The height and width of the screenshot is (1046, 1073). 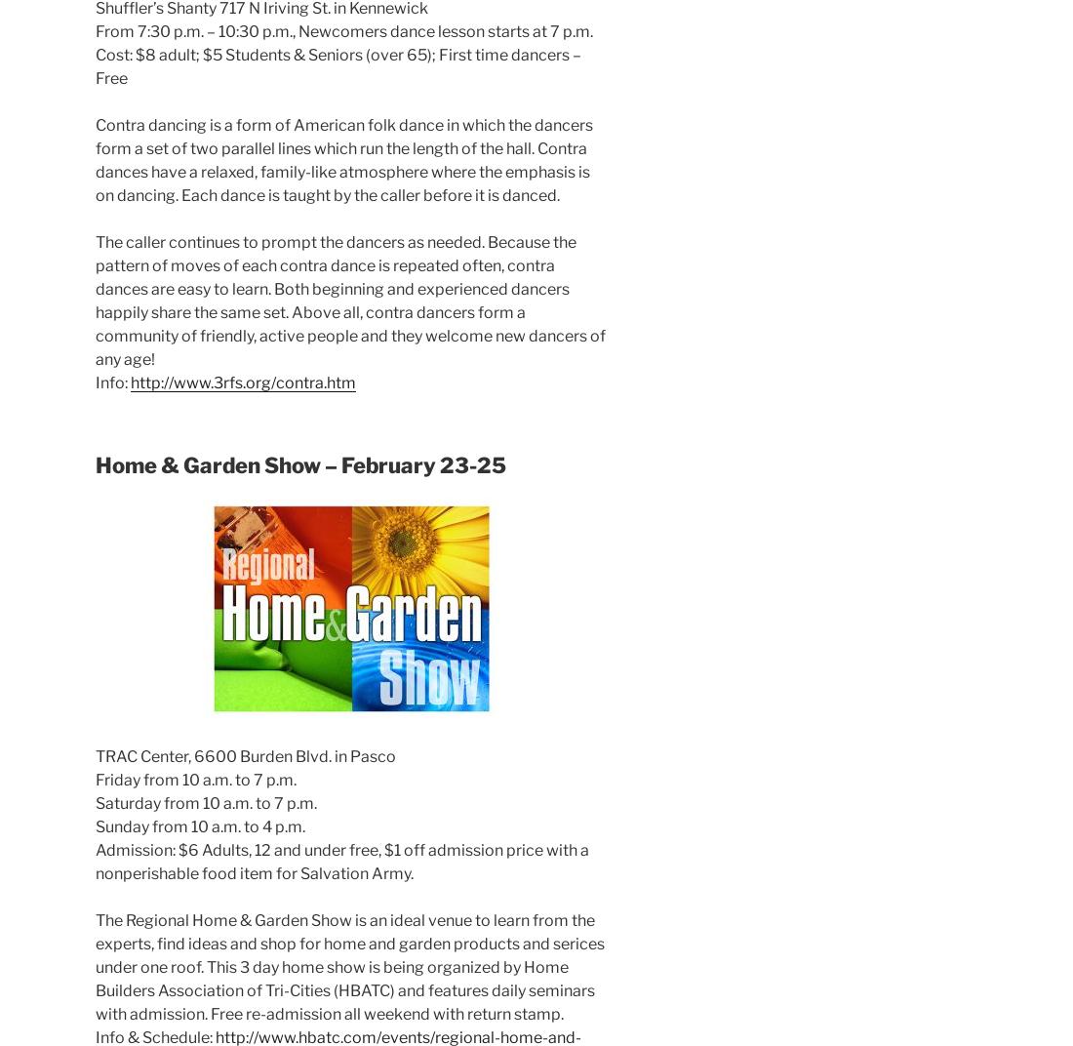 I want to click on 'Cost: $8 adult; $5 Students & Seniors (over 65); First time dancers – Free', so click(x=338, y=66).